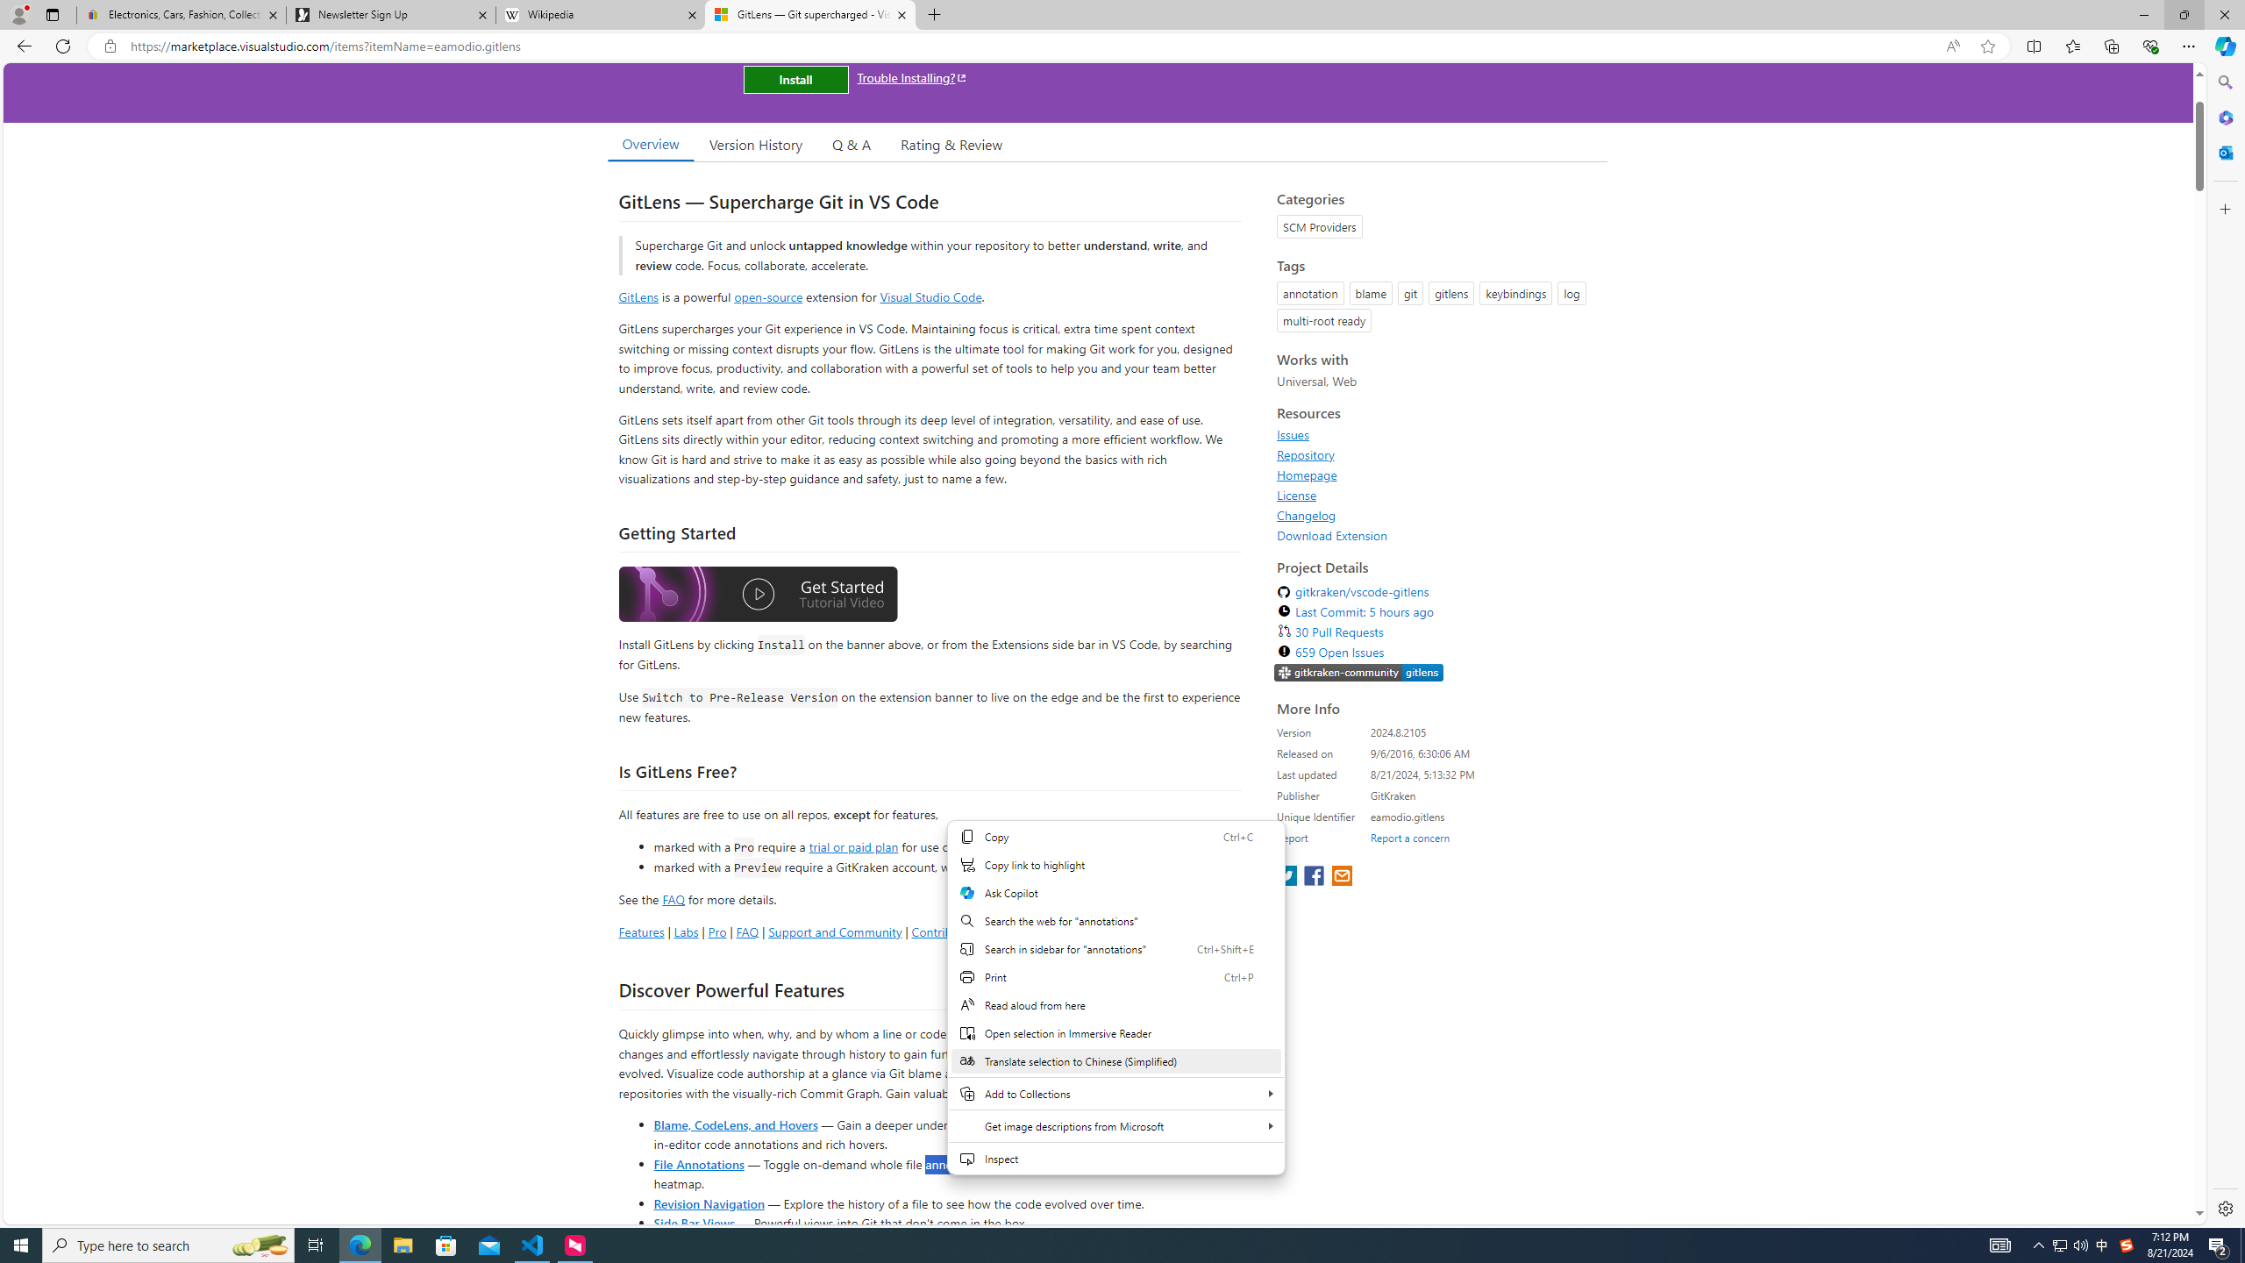 This screenshot has width=2245, height=1263. What do you see at coordinates (708, 1202) in the screenshot?
I see `'Revision Navigation'` at bounding box center [708, 1202].